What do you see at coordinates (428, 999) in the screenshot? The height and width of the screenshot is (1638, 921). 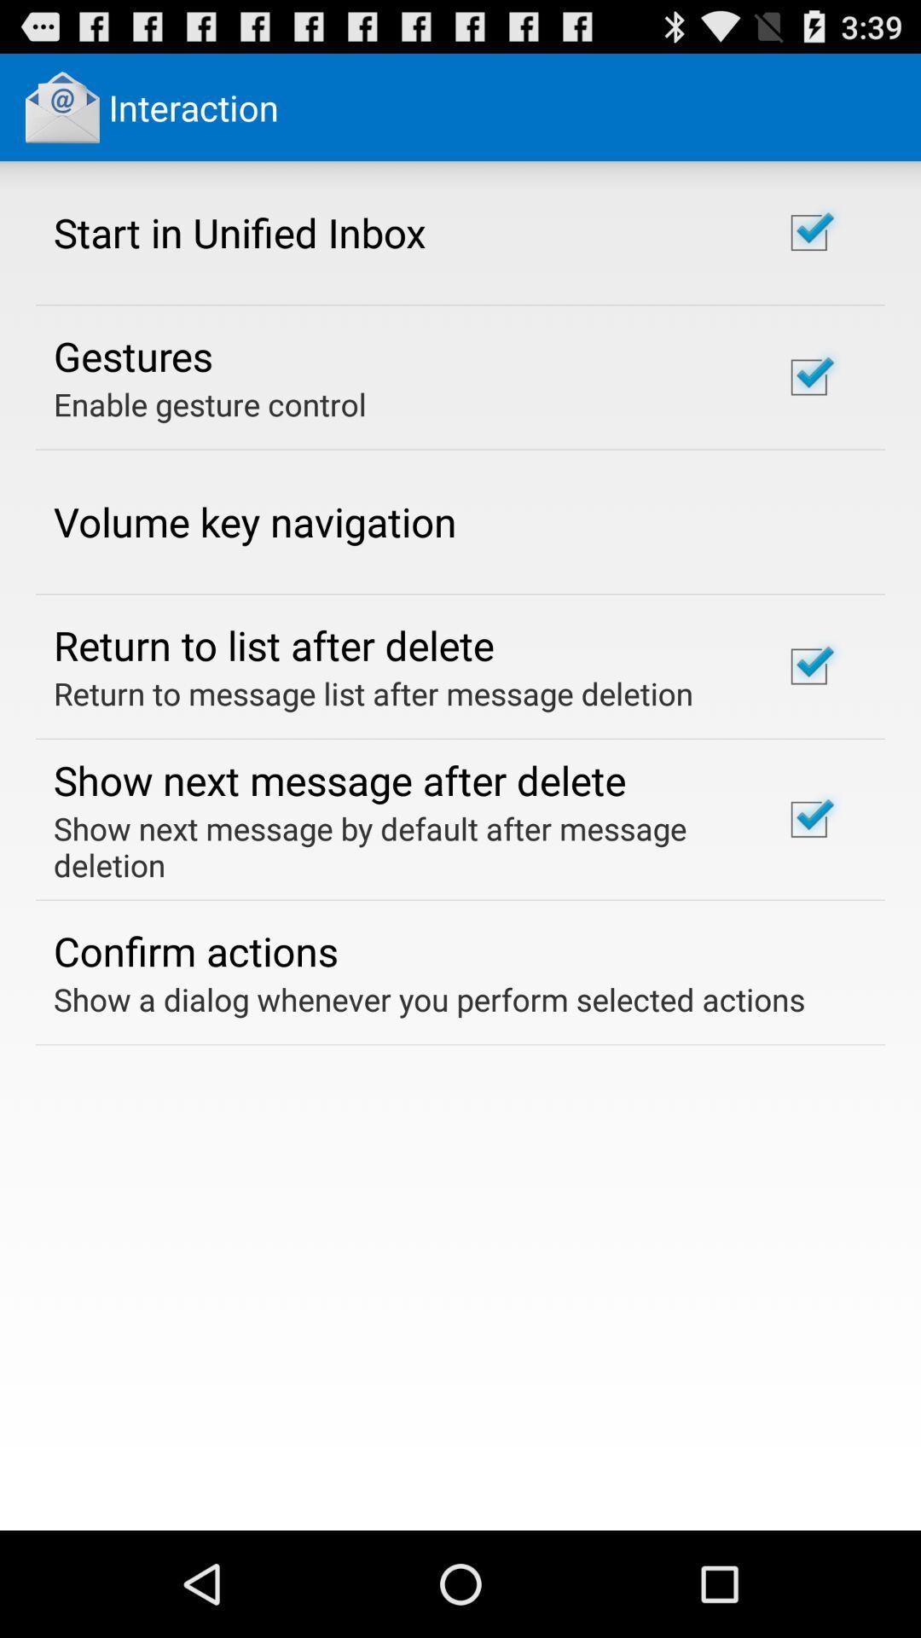 I see `the item below the confirm actions icon` at bounding box center [428, 999].